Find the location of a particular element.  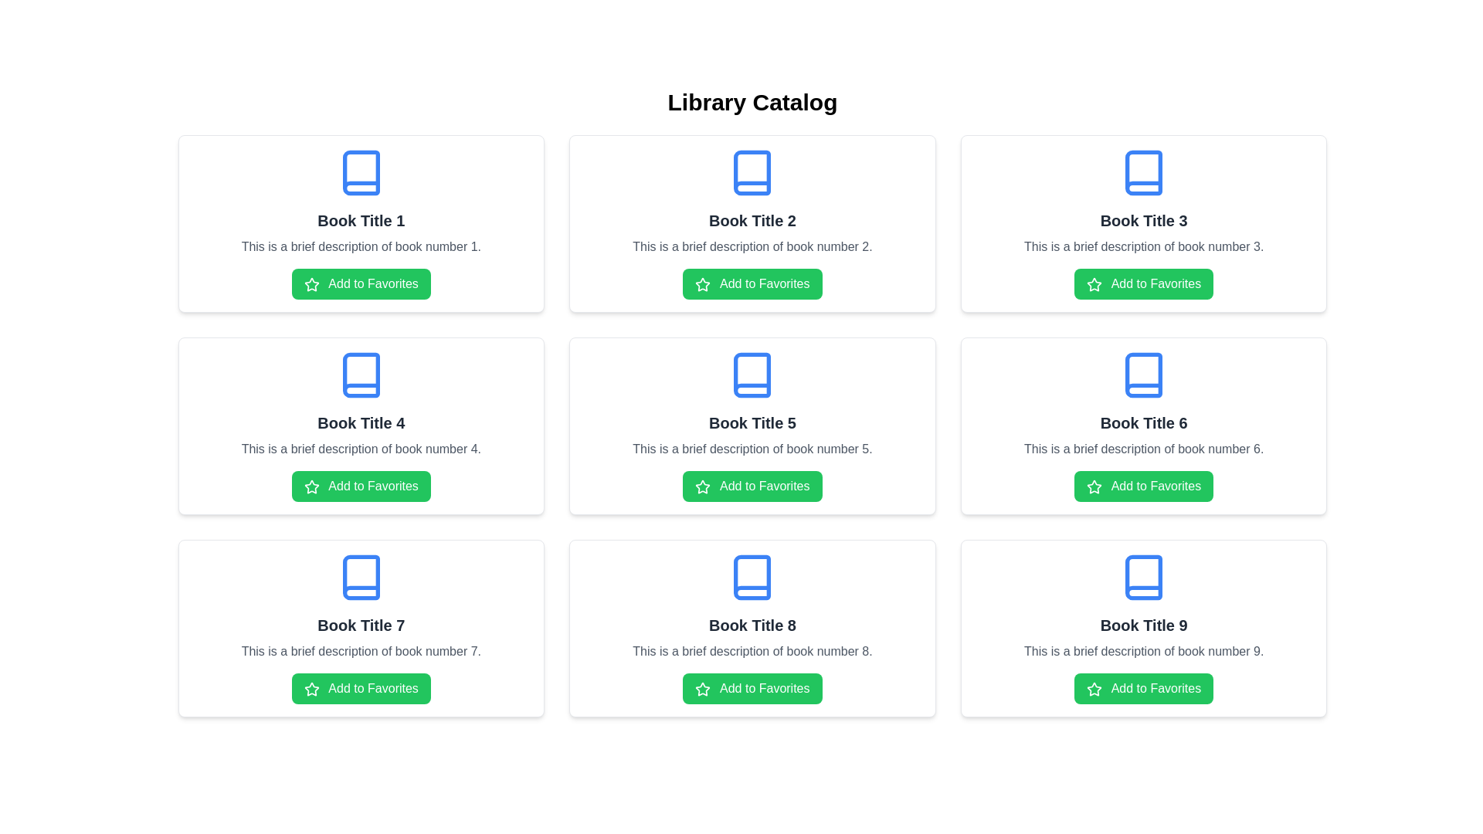

the star-shaped icon that signifies the 'Add to Favorites' action, which is part of the button labeled 'Add to Favorites' located next to 'Book Title 5' is located at coordinates (702, 486).